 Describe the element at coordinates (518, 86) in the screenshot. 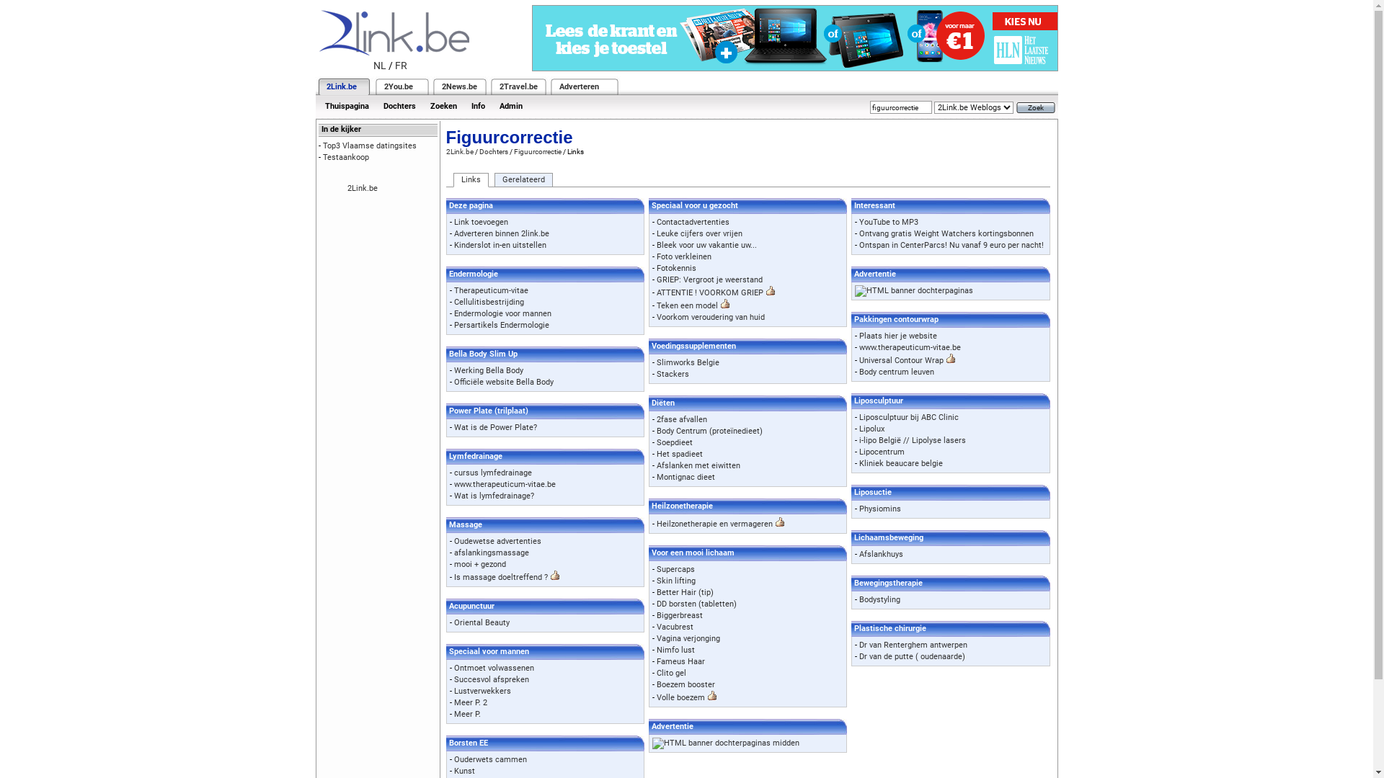

I see `'2Travel.be'` at that location.